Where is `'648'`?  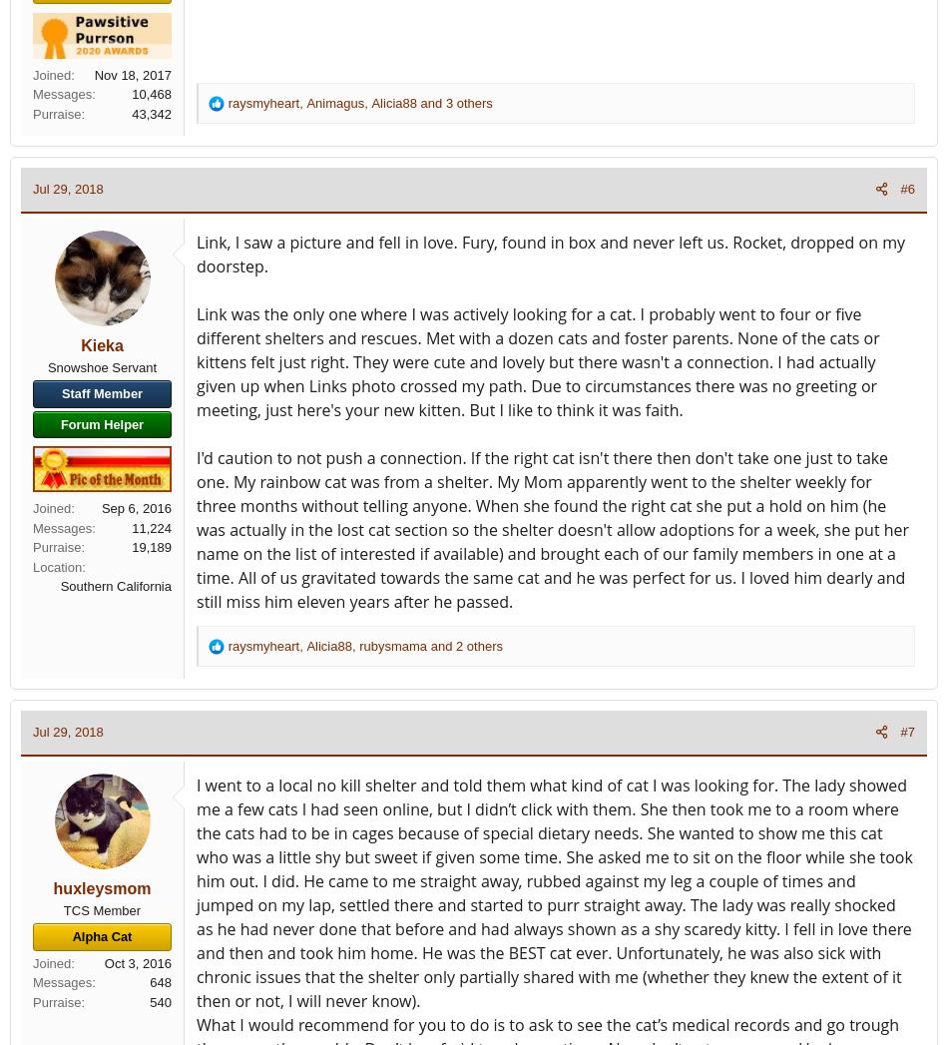 '648' is located at coordinates (161, 981).